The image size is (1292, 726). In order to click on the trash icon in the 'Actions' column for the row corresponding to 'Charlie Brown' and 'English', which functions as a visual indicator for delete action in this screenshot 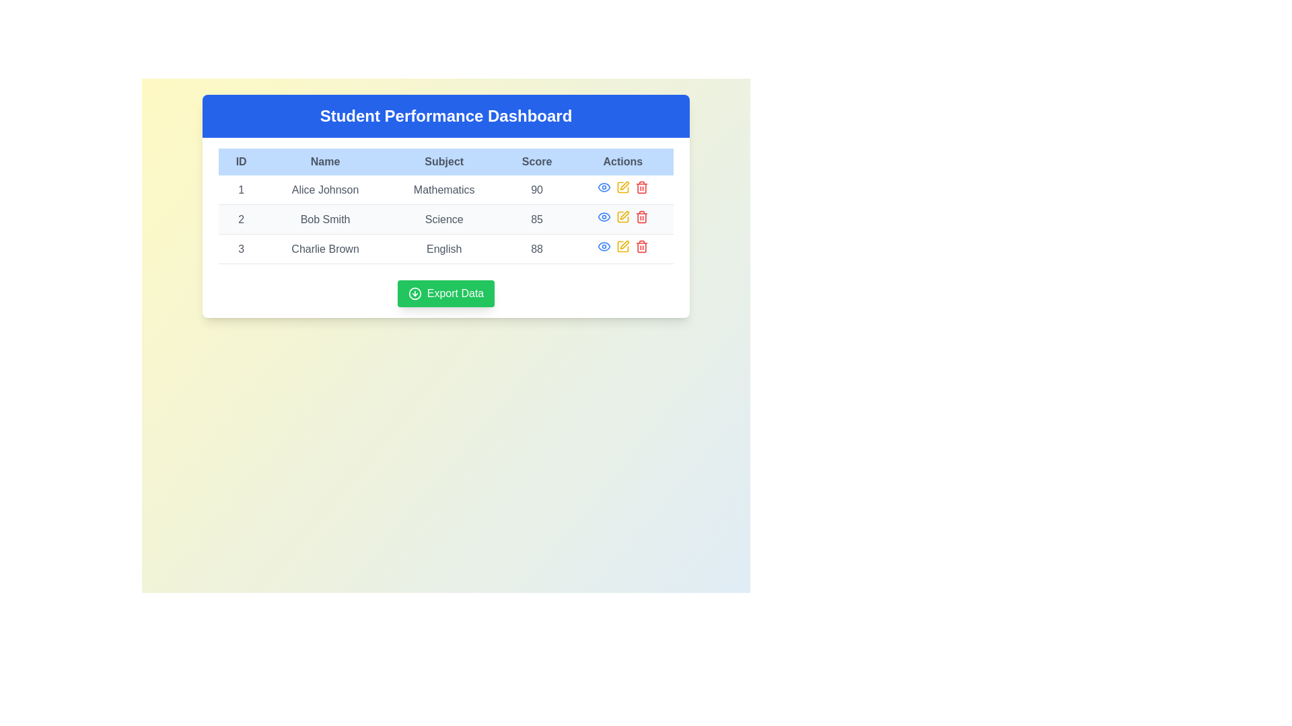, I will do `click(641, 247)`.